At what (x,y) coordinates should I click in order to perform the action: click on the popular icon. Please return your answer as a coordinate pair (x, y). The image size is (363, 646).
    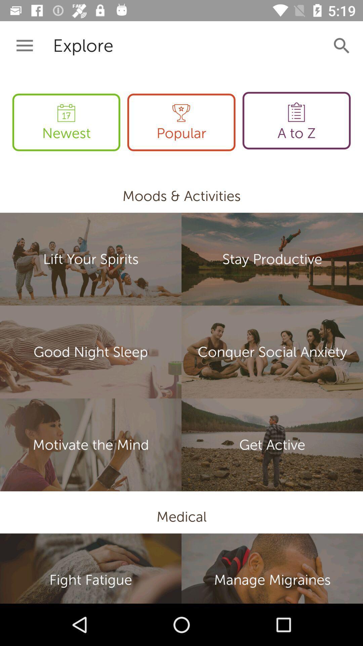
    Looking at the image, I should click on (181, 122).